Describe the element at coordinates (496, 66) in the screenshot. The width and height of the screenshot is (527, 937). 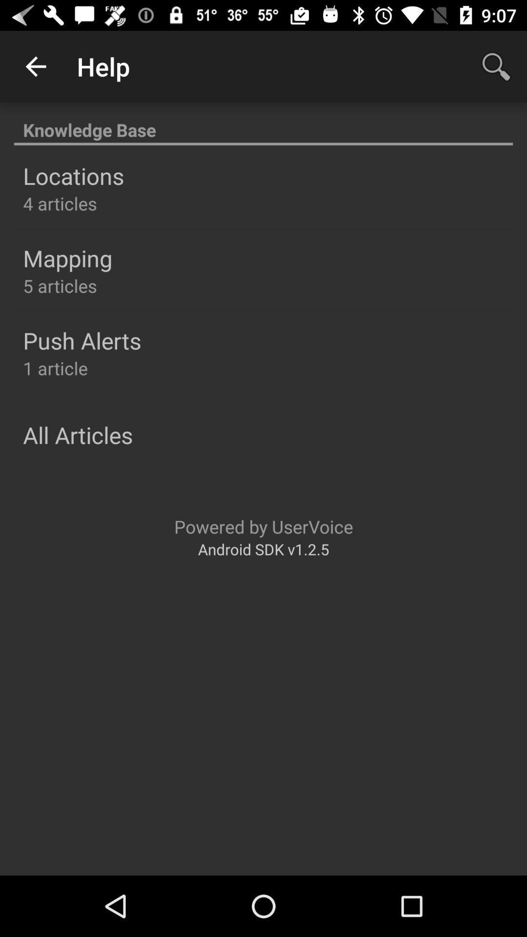
I see `the icon at the top right corner` at that location.